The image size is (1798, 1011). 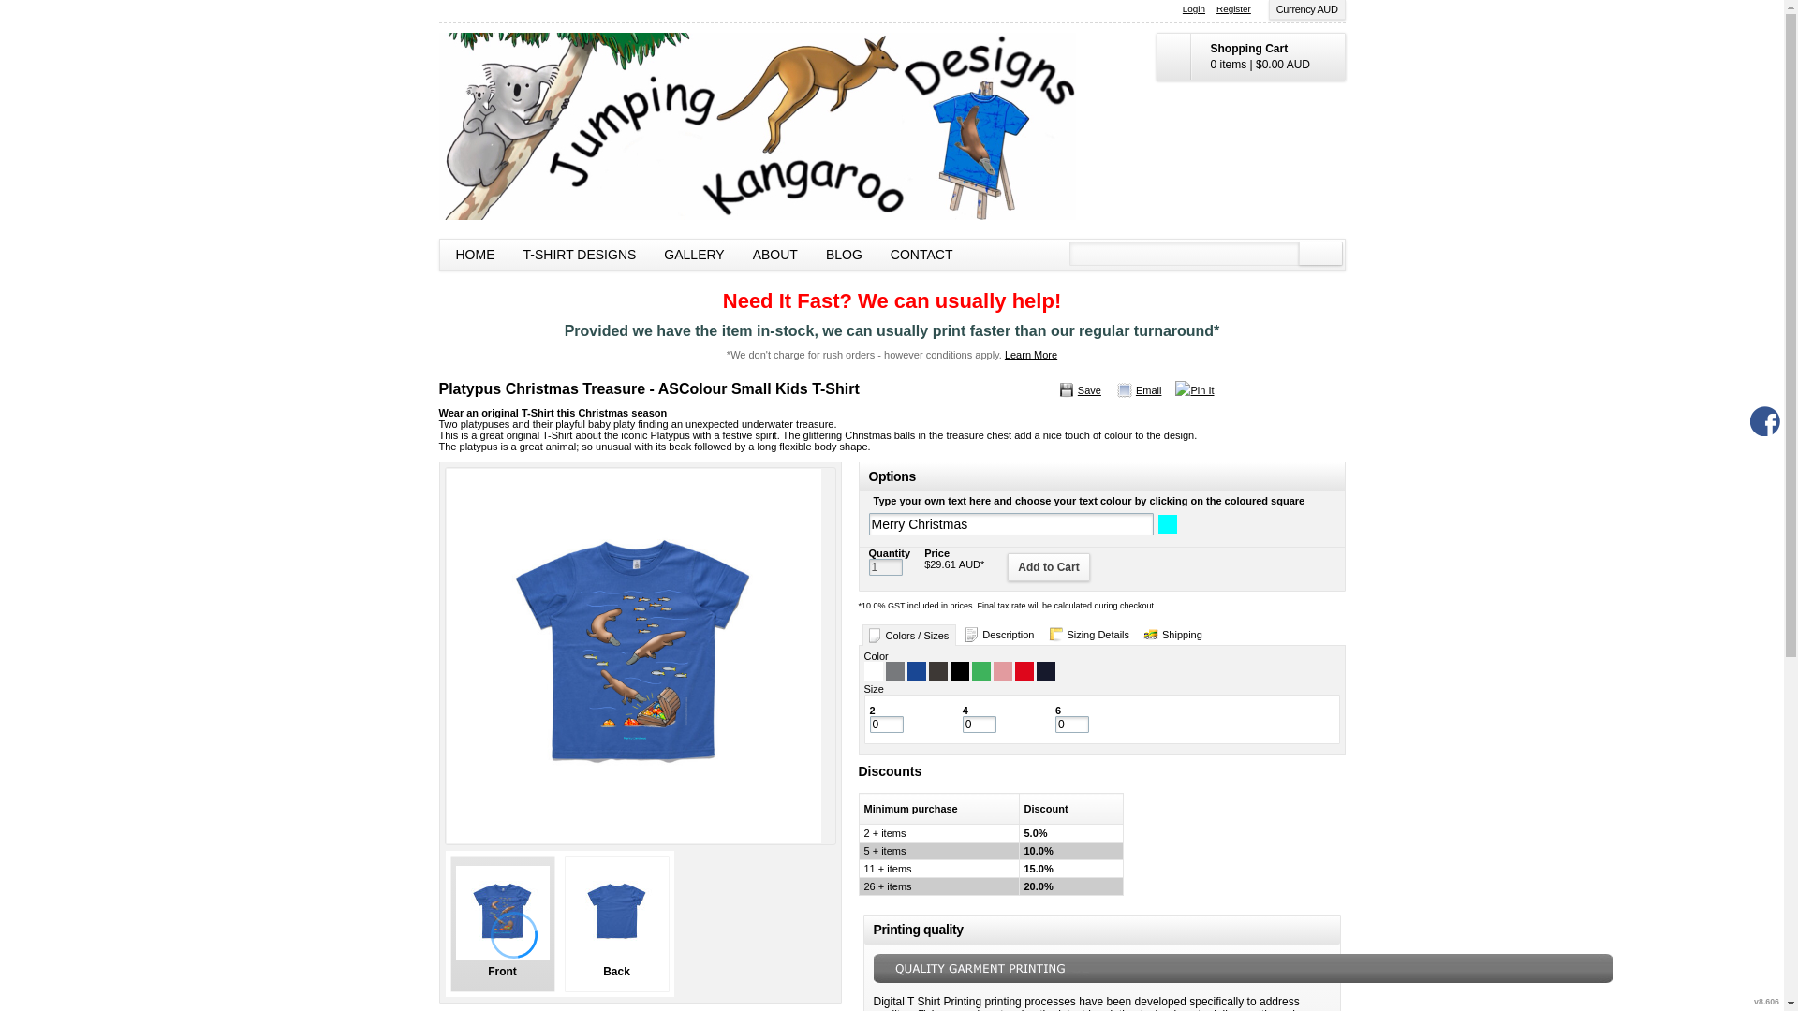 I want to click on 'Pin It', so click(x=1173, y=388).